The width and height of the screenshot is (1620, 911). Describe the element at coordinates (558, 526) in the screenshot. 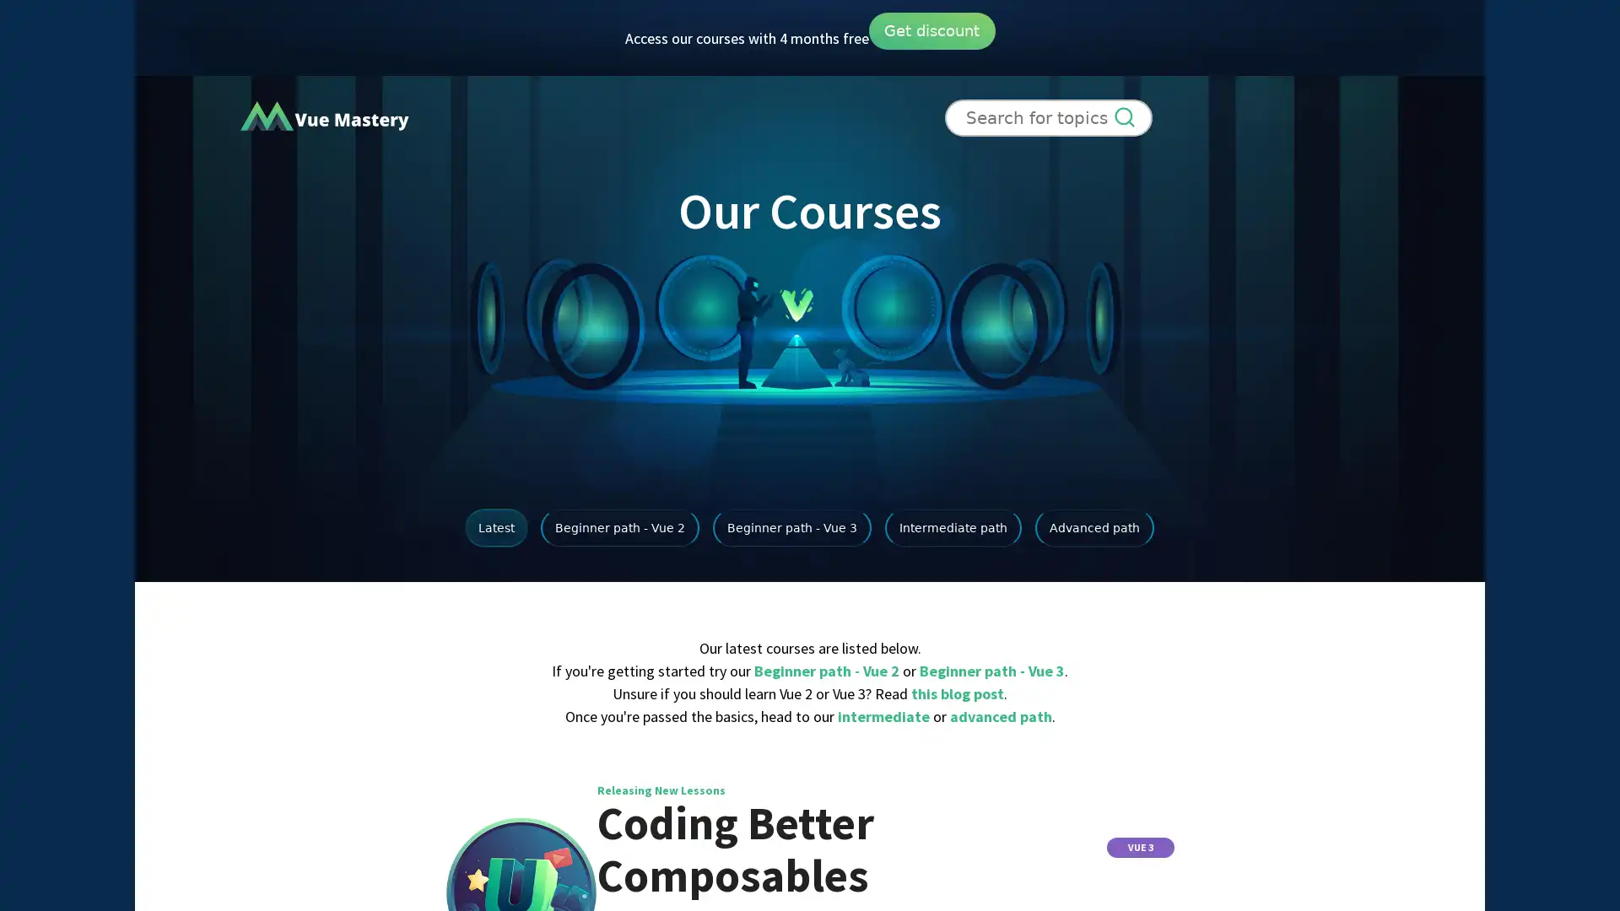

I see `Beginner path - Vue 2` at that location.